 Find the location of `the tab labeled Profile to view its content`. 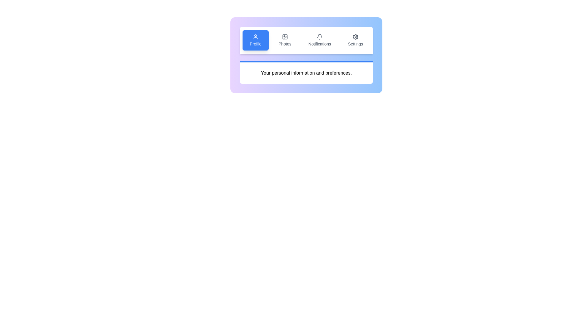

the tab labeled Profile to view its content is located at coordinates (255, 40).